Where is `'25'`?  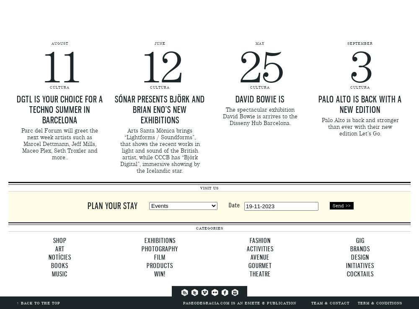
'25' is located at coordinates (259, 67).